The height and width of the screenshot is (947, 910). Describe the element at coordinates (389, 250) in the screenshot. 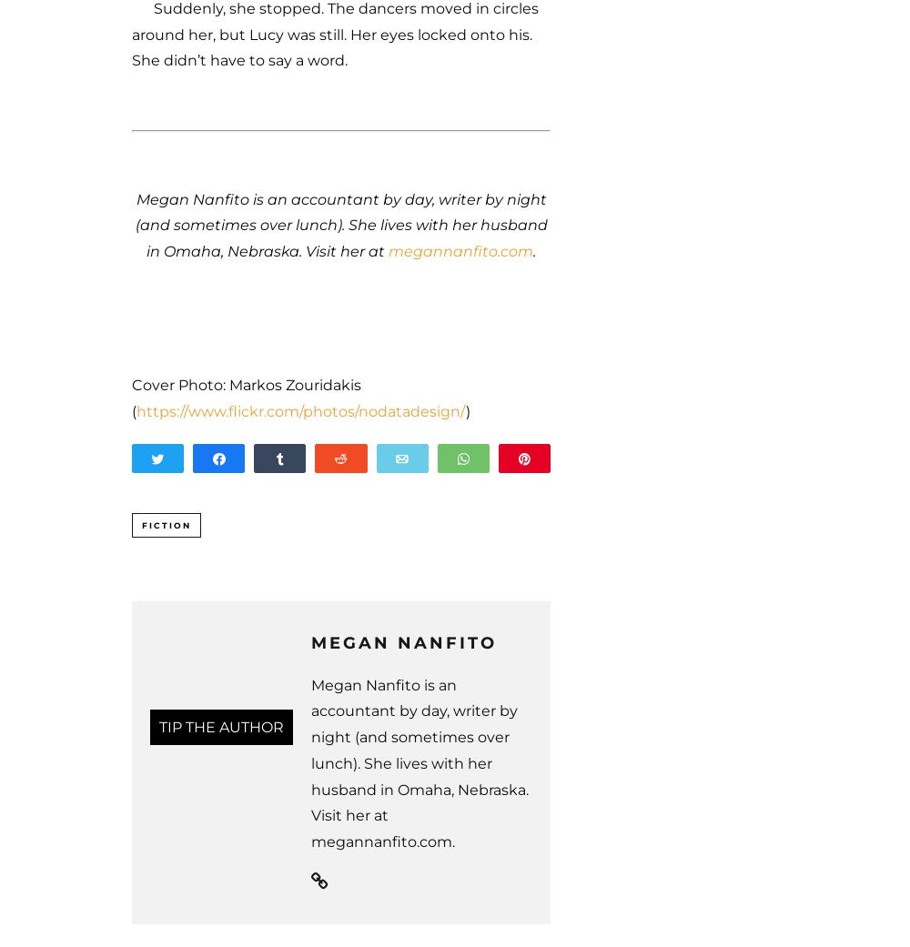

I see `'megannanfito.com'` at that location.